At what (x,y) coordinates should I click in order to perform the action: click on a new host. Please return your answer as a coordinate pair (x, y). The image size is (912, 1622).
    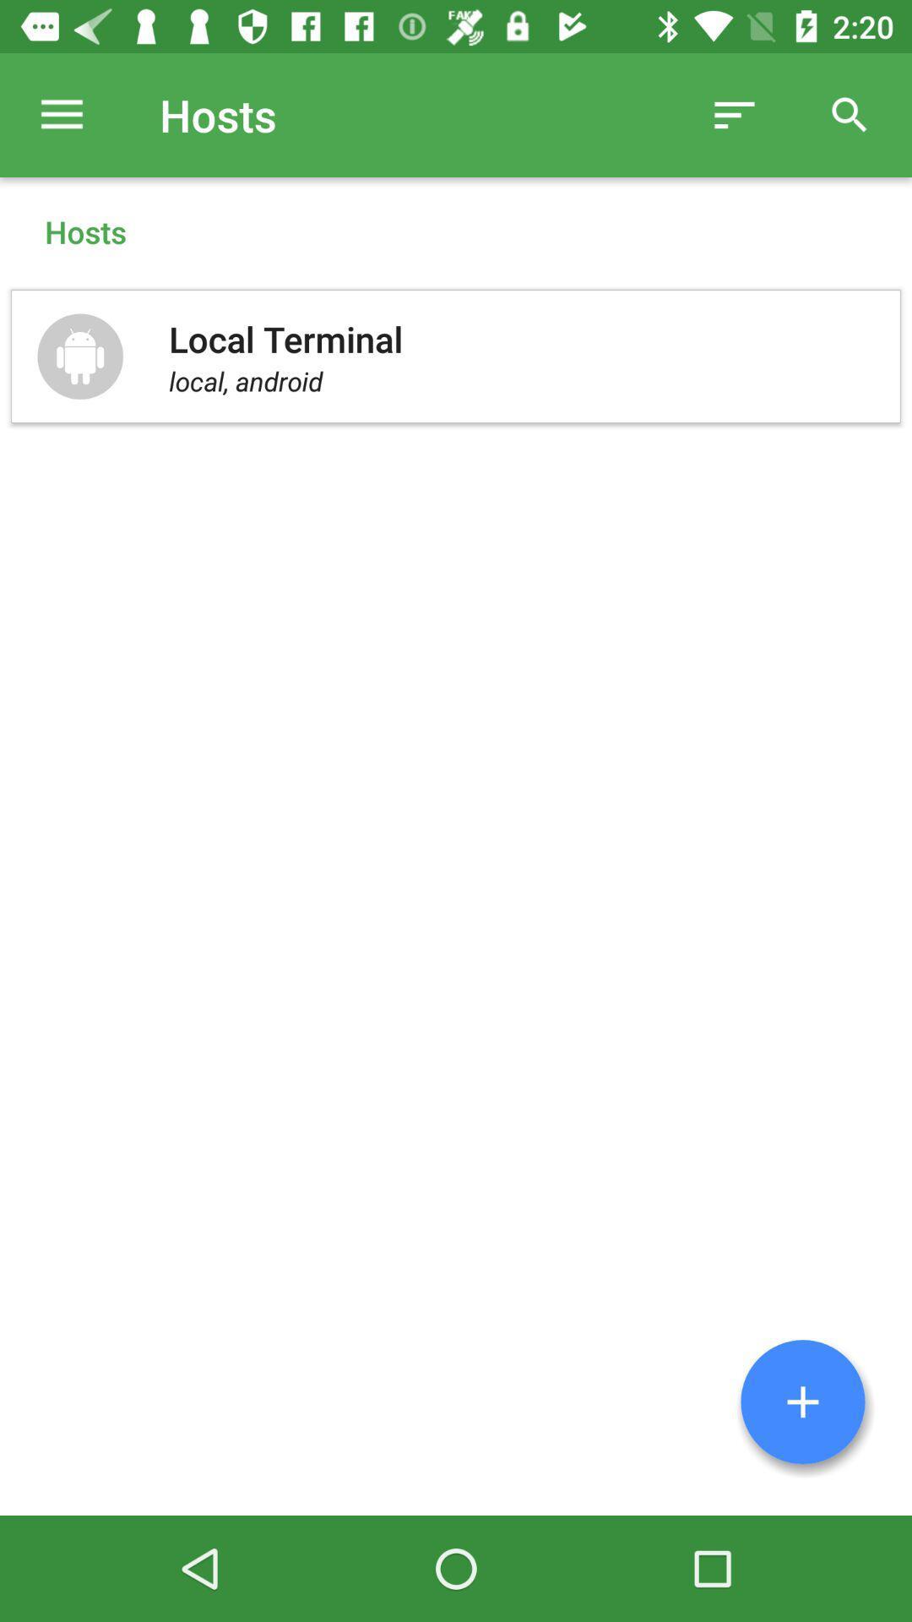
    Looking at the image, I should click on (802, 1402).